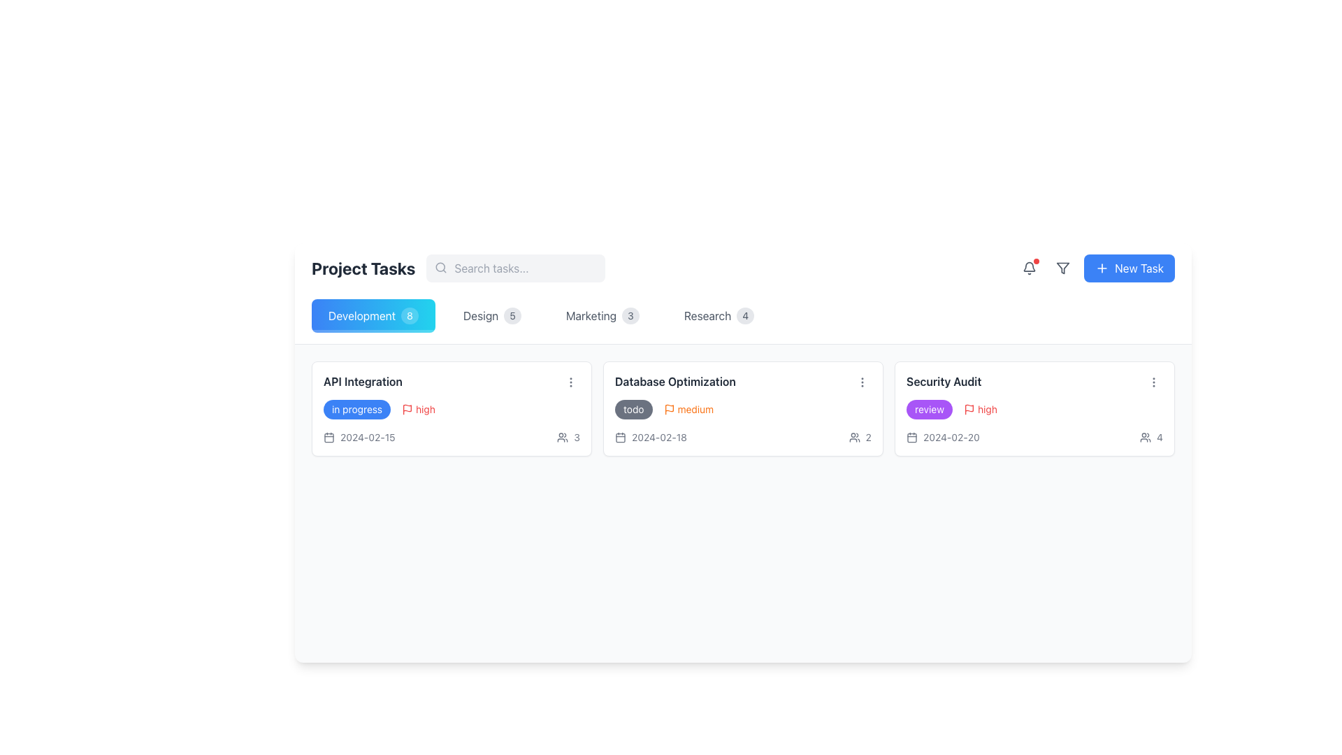  Describe the element at coordinates (1154, 382) in the screenshot. I see `the vertical ellipsis icon in the top-right corner of the 'Security Audit' task card` at that location.